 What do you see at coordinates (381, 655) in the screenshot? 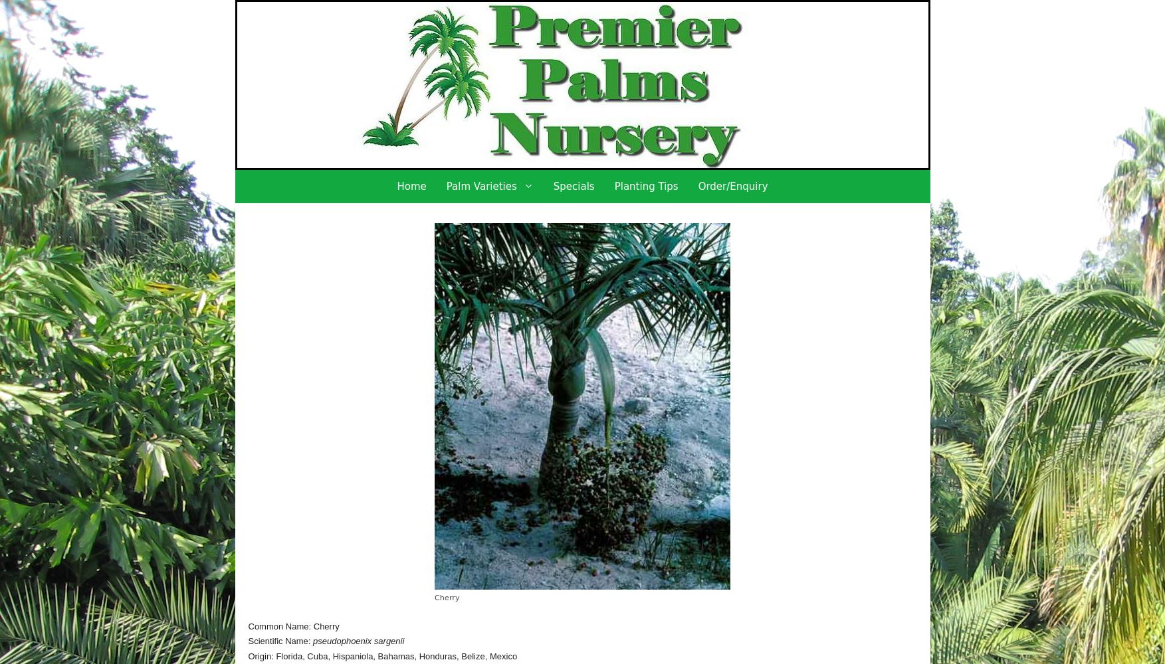
I see `'Origin: Florida, Cuba, Hispaniola, Bahamas, Honduras, Belize, Mexico'` at bounding box center [381, 655].